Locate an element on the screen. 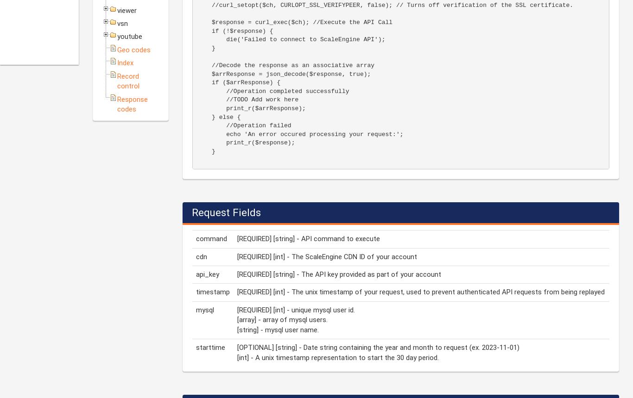 The image size is (633, 398). '[REQUIRED] [int] - The unix timestamp of your request, used to
                    prevent authenticated API requests from being replayed' is located at coordinates (420, 291).